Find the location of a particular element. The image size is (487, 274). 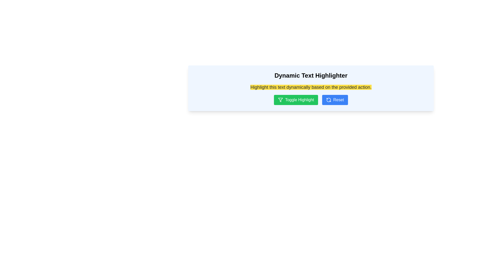

the first button in the horizontal row that toggles a highlight feature is located at coordinates (296, 100).